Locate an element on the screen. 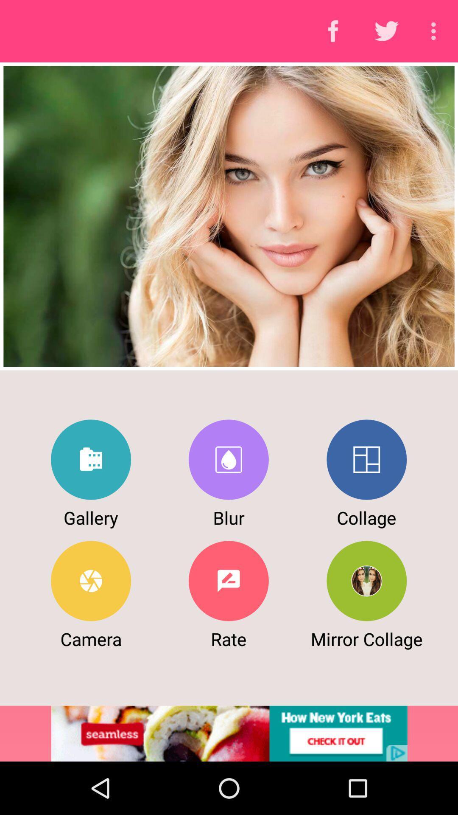 The height and width of the screenshot is (815, 458). the dashboard icon is located at coordinates (366, 459).